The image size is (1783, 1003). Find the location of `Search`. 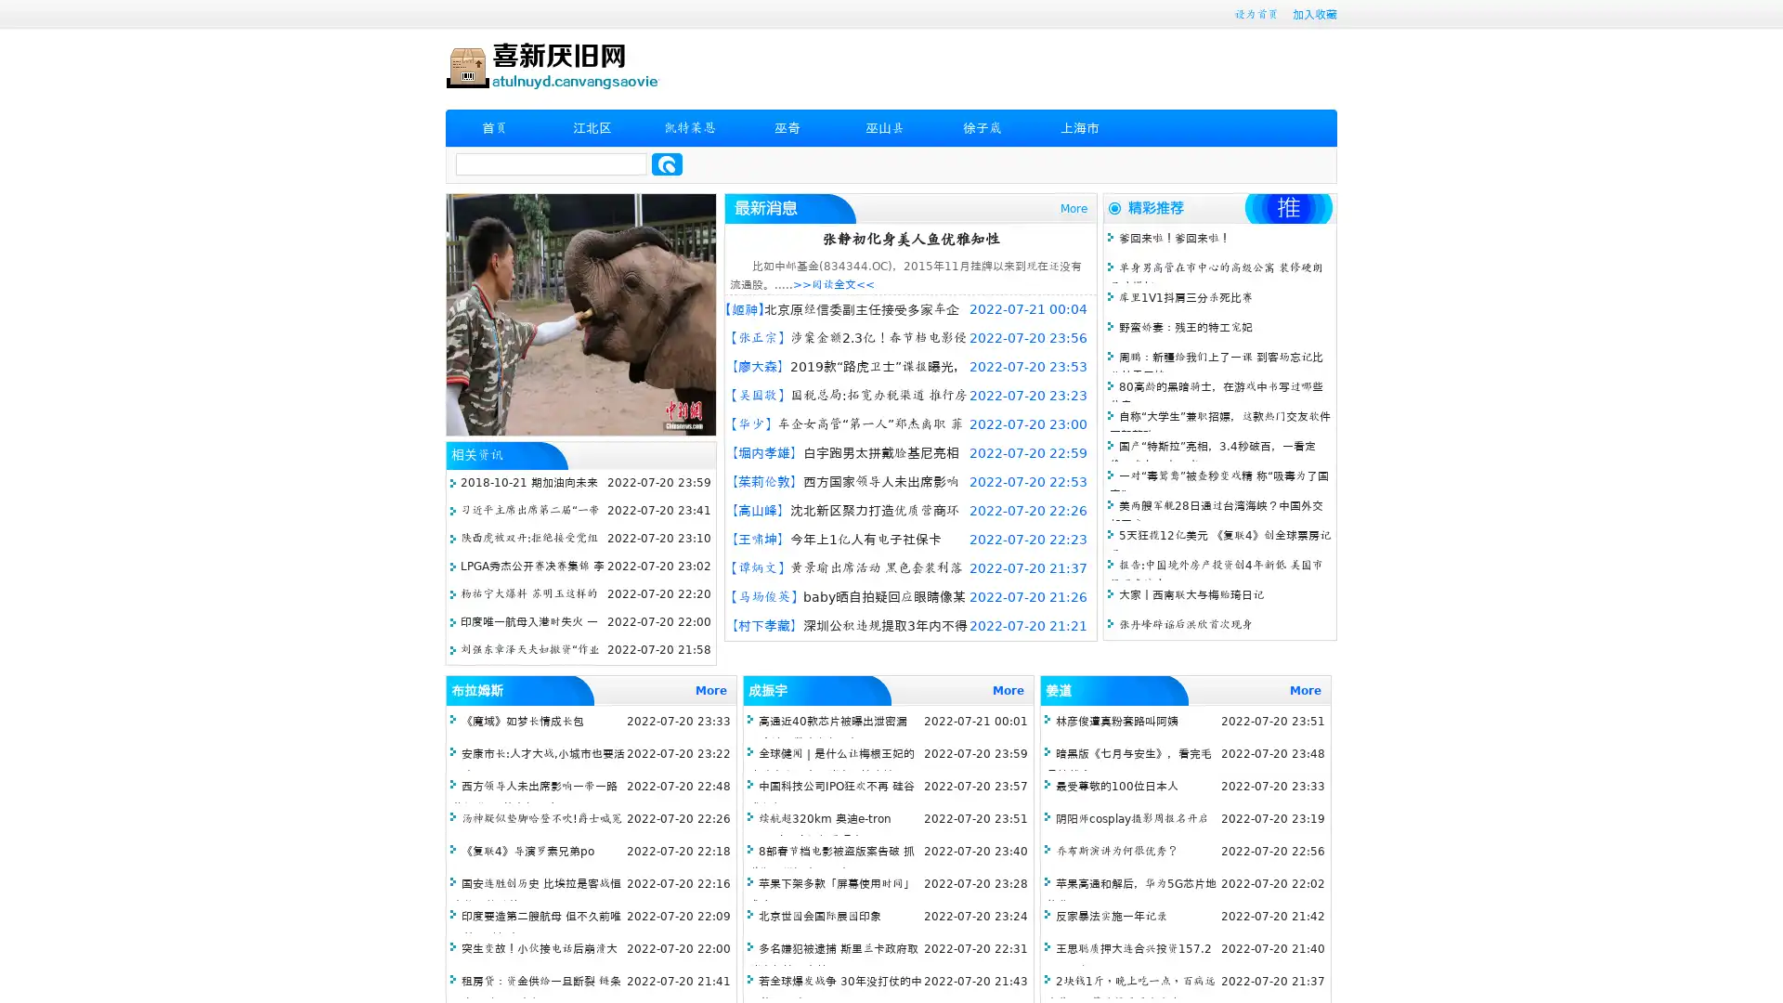

Search is located at coordinates (667, 163).